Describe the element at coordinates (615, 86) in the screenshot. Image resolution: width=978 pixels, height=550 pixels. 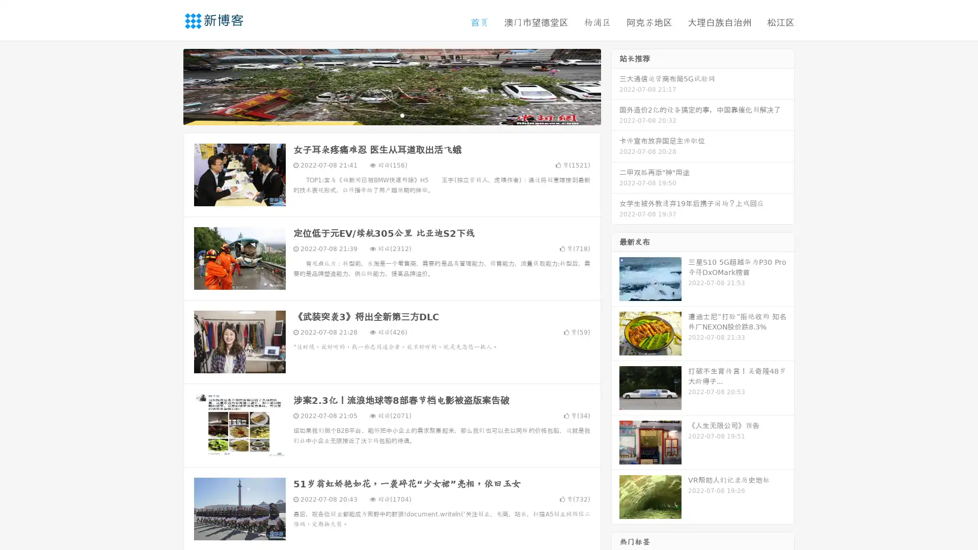
I see `Next slide` at that location.